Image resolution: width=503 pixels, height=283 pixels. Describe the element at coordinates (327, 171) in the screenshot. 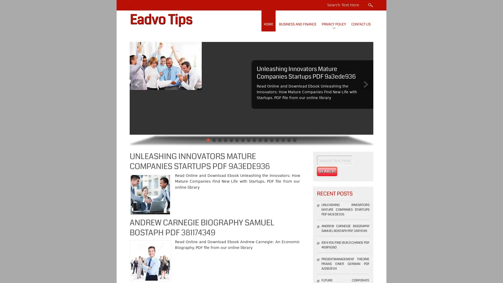

I see `Search` at that location.